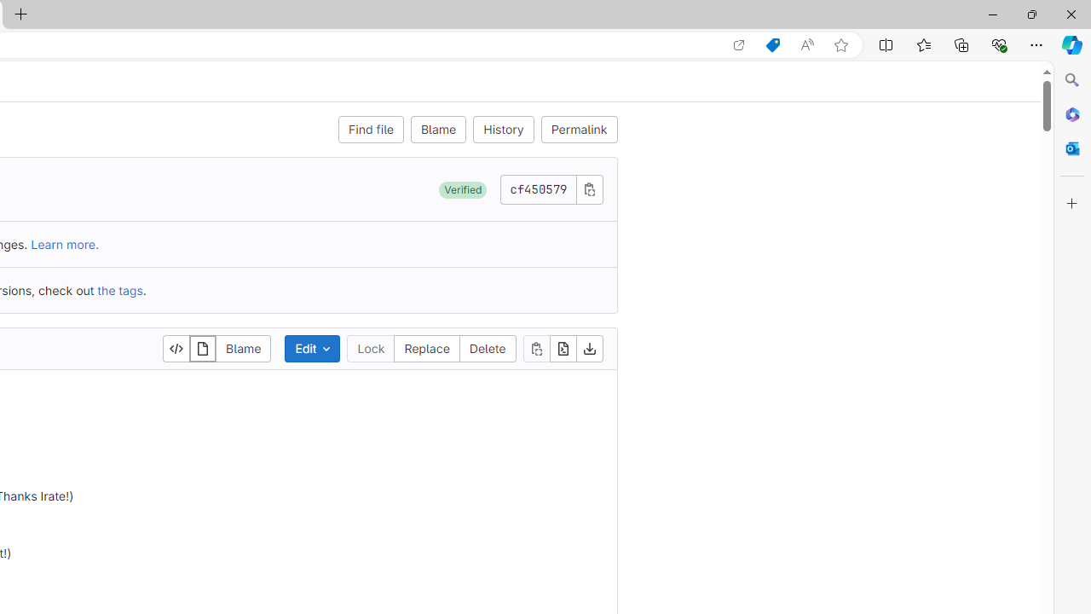  Describe the element at coordinates (589, 188) in the screenshot. I see `'Copy commit SHA'` at that location.